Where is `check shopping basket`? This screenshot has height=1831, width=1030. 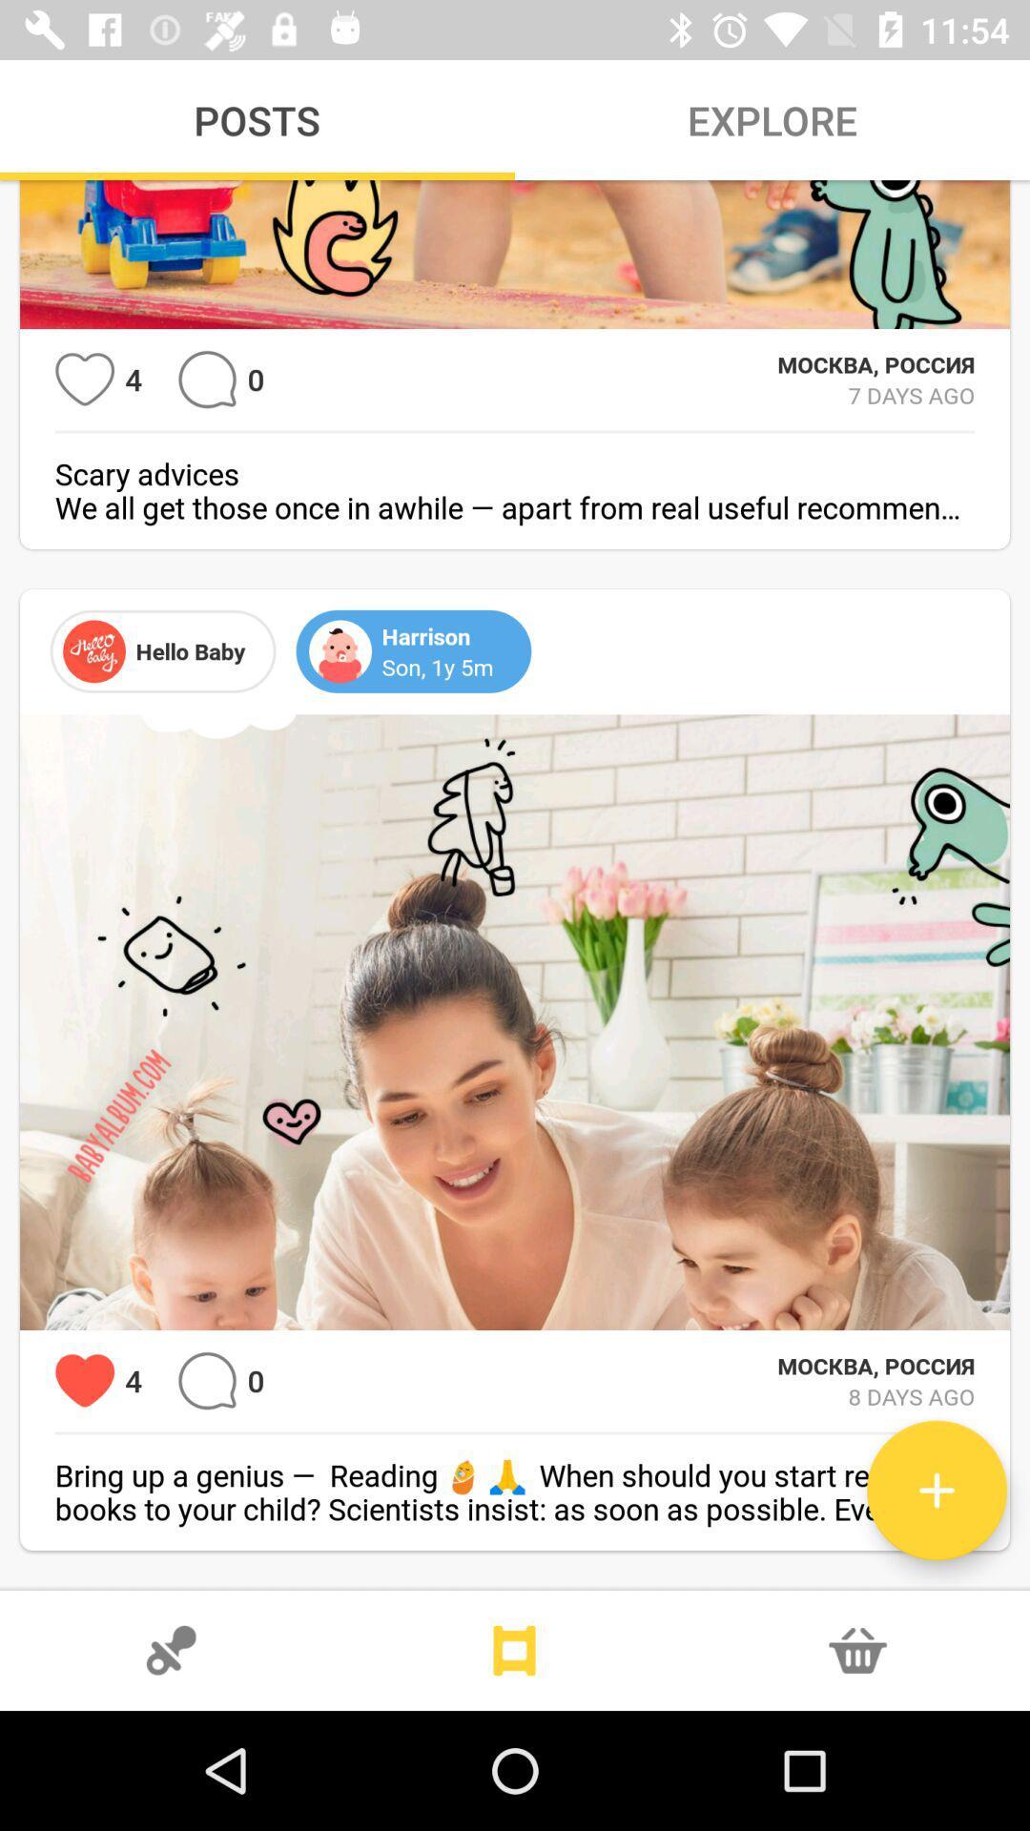
check shopping basket is located at coordinates (856, 1650).